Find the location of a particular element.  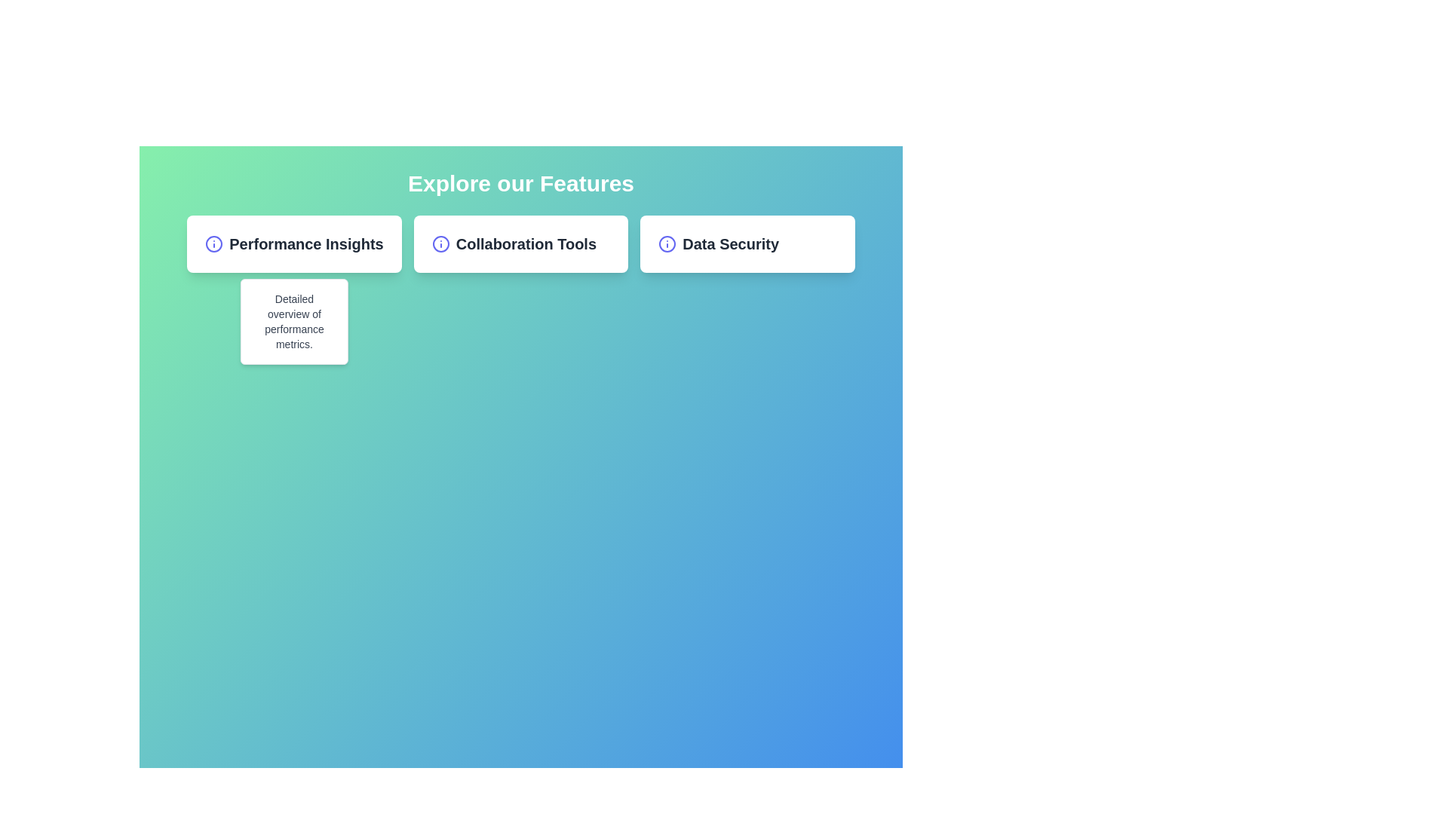

the 'Data Security' card, which is the third card in a grid layout and positioned to the right of the 'Collaboration Tools' card is located at coordinates (747, 243).